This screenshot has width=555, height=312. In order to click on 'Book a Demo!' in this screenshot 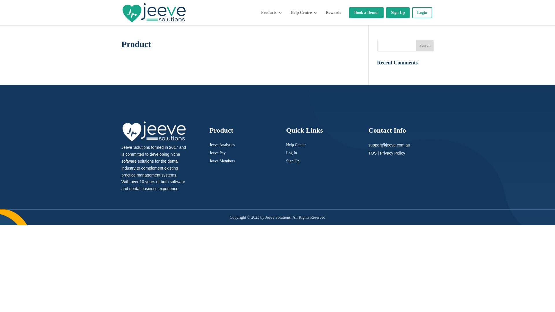, I will do `click(349, 12)`.